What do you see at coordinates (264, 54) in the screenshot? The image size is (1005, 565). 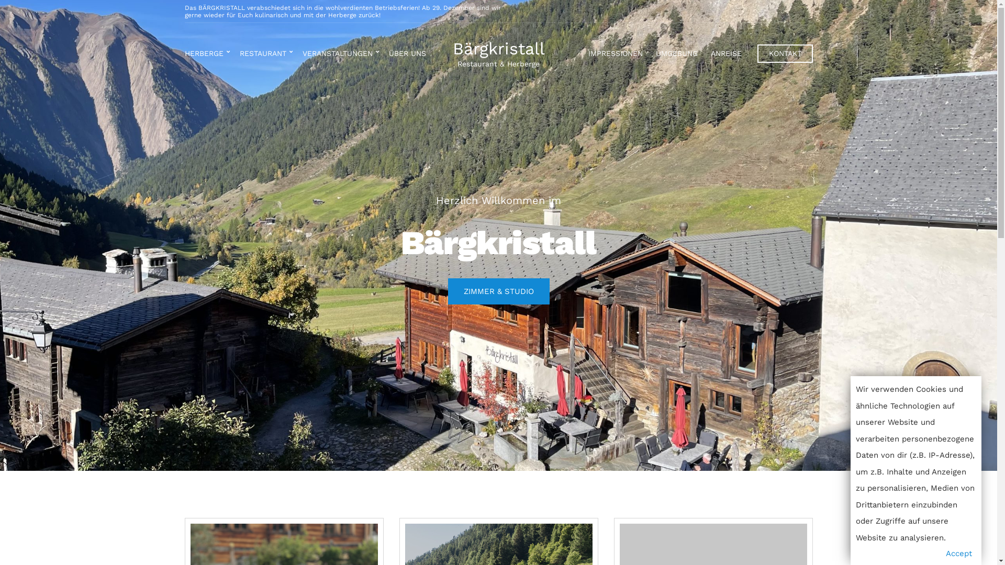 I see `'RESTAURANT'` at bounding box center [264, 54].